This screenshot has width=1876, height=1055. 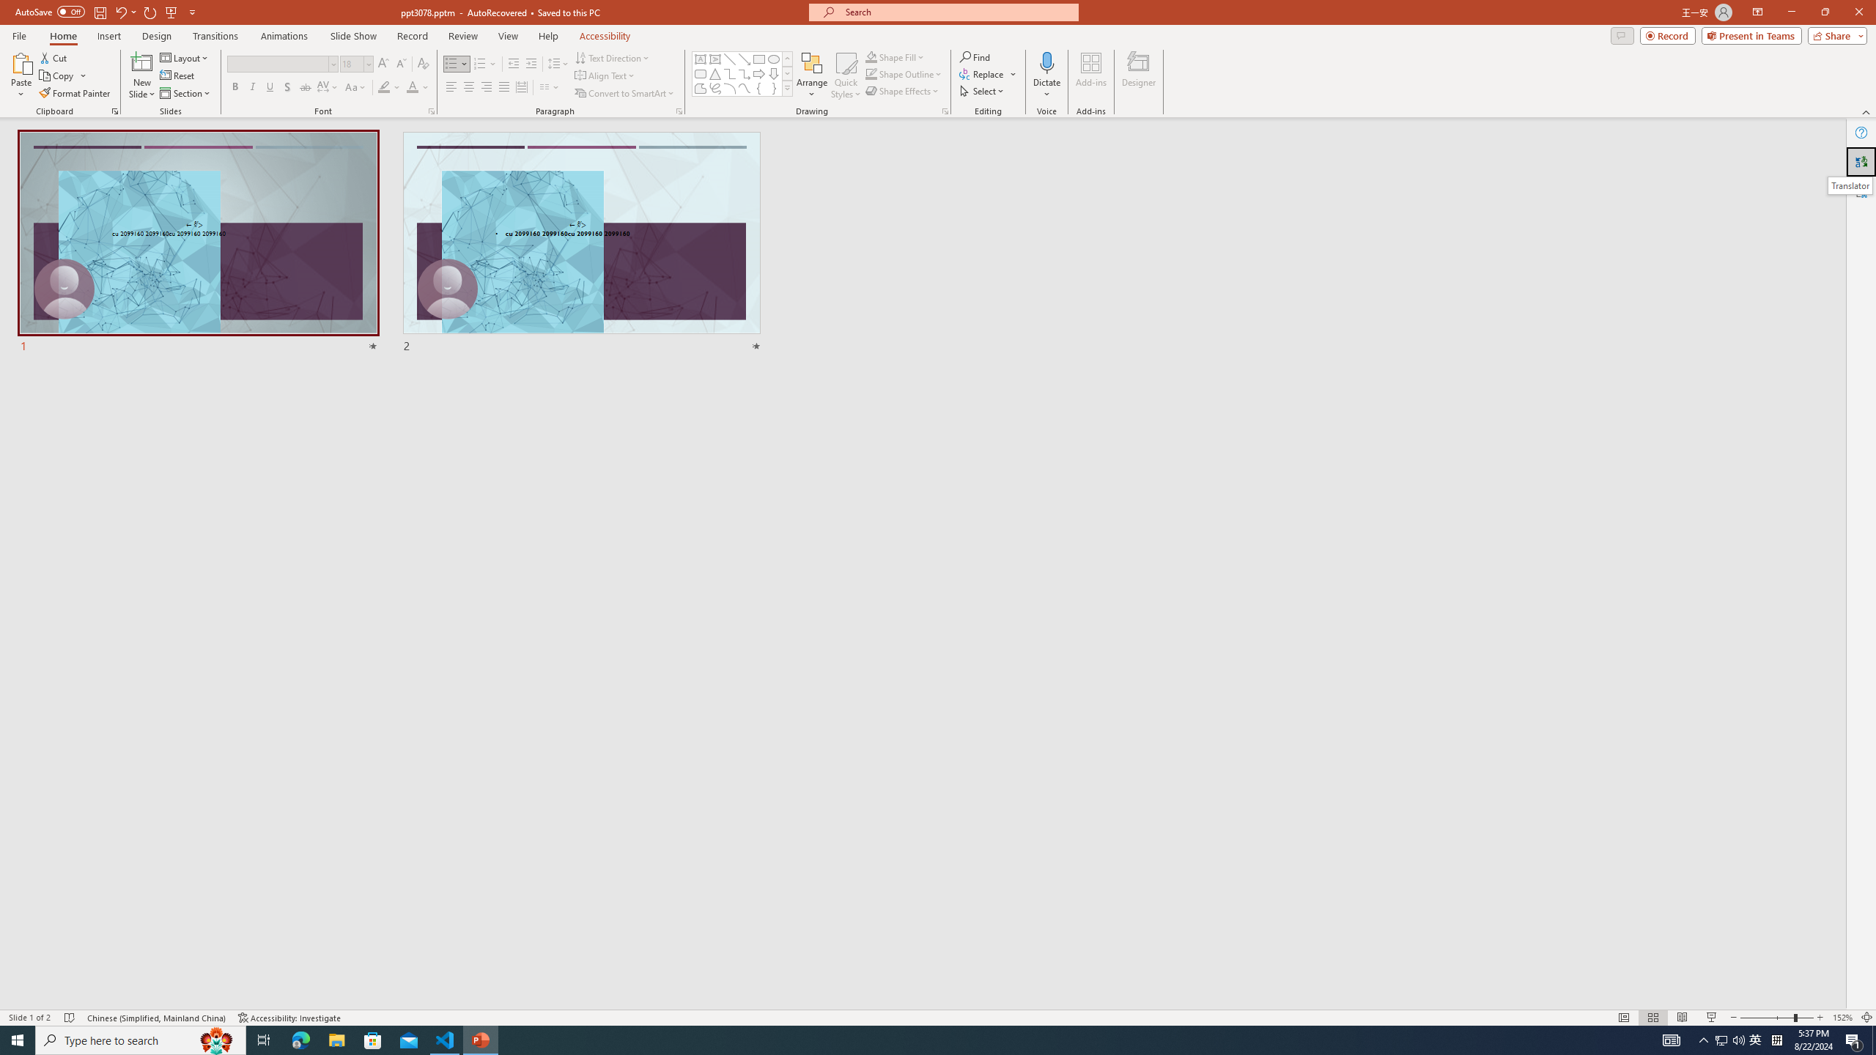 I want to click on 'Zoom', so click(x=1777, y=1018).